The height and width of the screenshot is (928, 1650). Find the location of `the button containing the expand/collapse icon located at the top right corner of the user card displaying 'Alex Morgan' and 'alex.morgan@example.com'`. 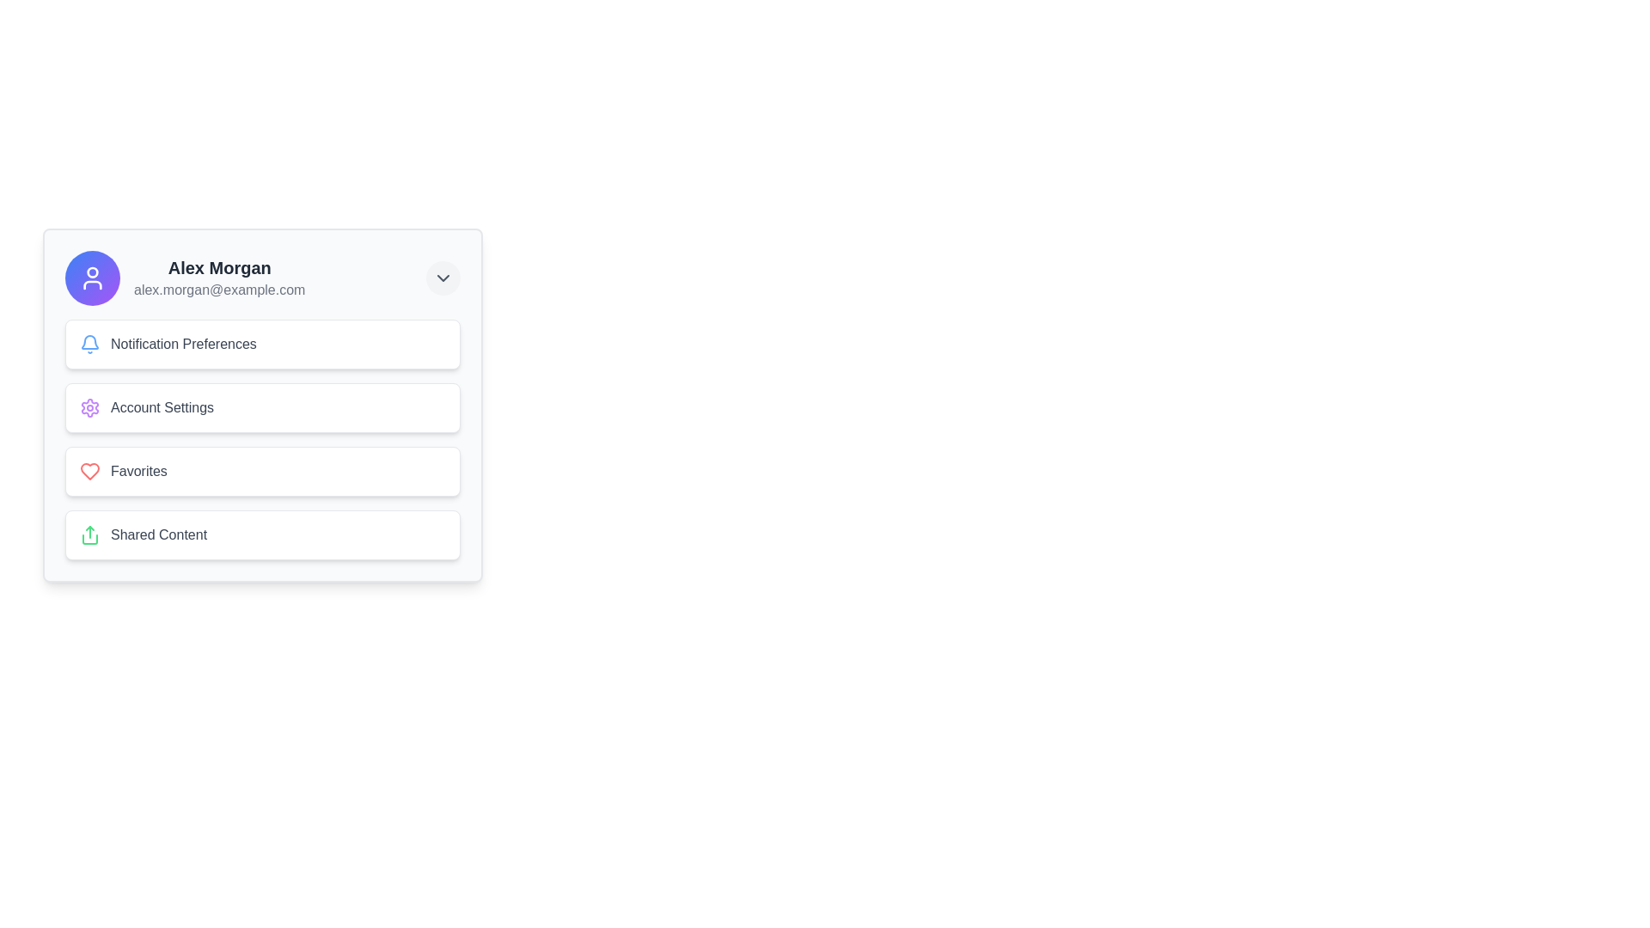

the button containing the expand/collapse icon located at the top right corner of the user card displaying 'Alex Morgan' and 'alex.morgan@example.com' is located at coordinates (443, 278).